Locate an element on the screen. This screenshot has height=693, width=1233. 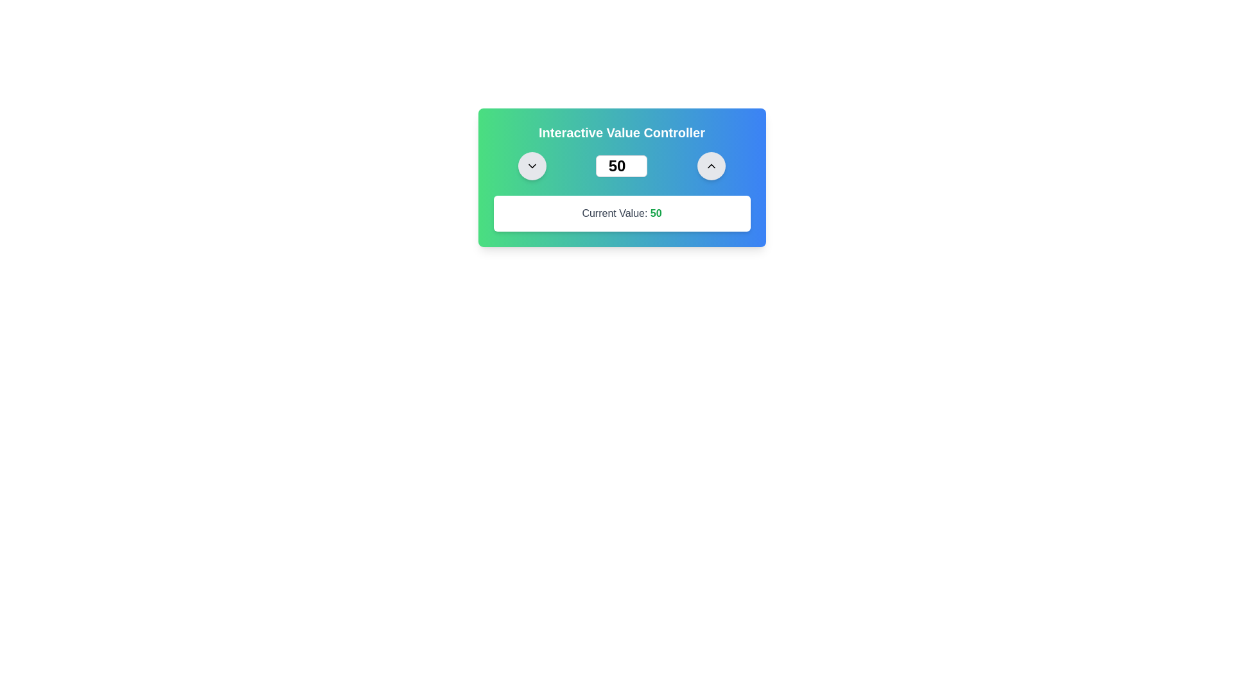
the upward-pointing chevron icon located inside the circular button on the right side of the interface to interact with it is located at coordinates (710, 165).